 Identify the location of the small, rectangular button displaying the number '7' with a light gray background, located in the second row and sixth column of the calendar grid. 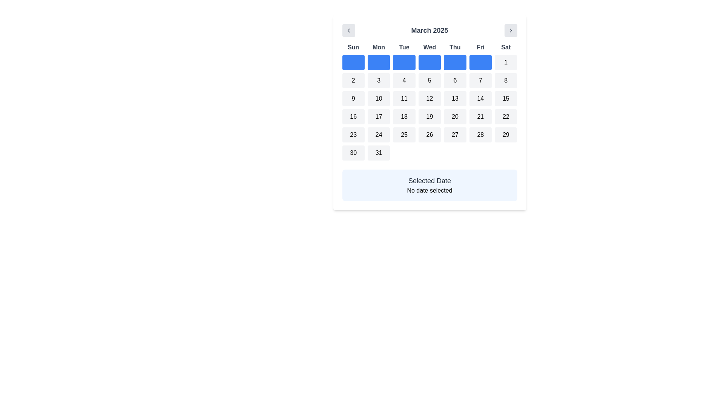
(480, 80).